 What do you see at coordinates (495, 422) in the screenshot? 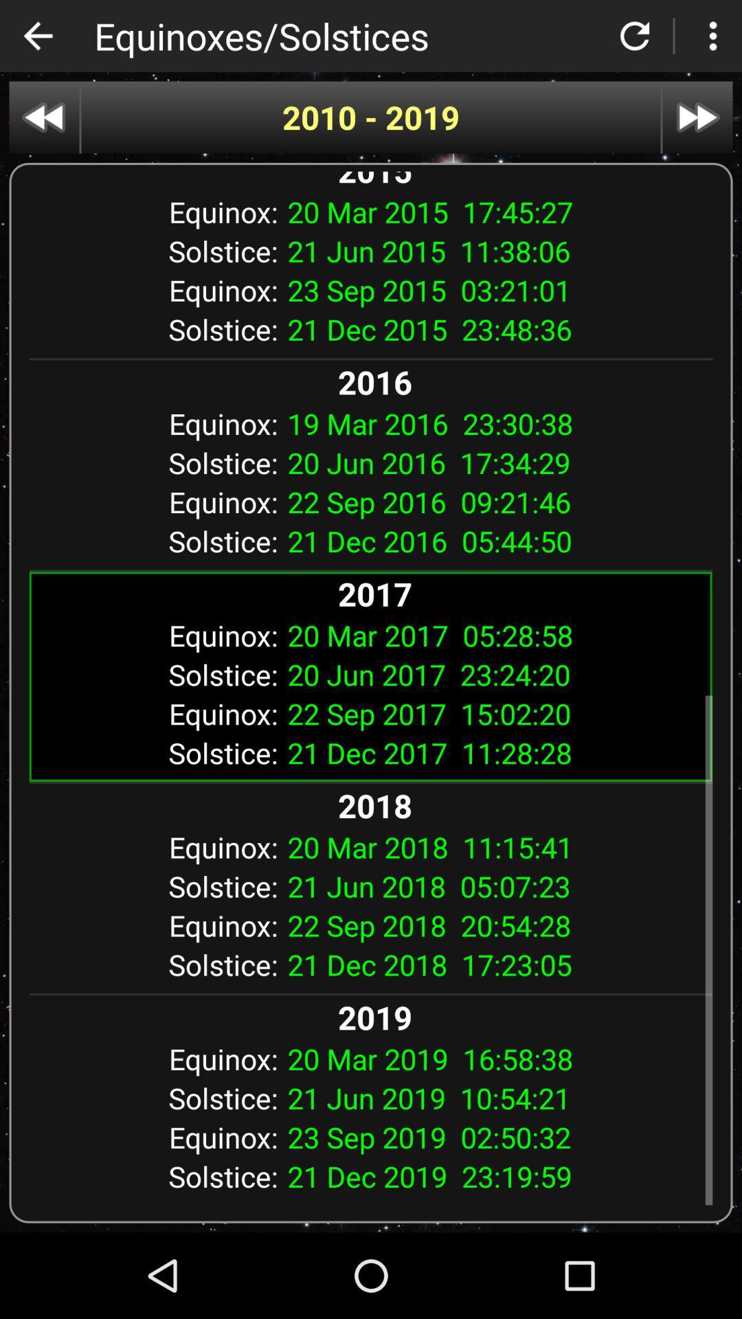
I see `item below 2016 item` at bounding box center [495, 422].